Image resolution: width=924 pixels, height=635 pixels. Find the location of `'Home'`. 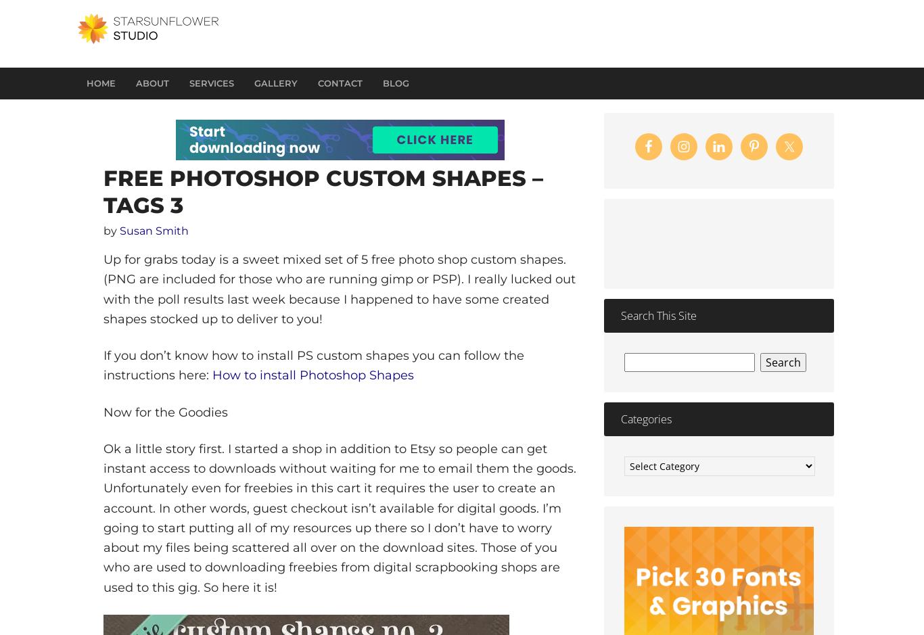

'Home' is located at coordinates (100, 83).